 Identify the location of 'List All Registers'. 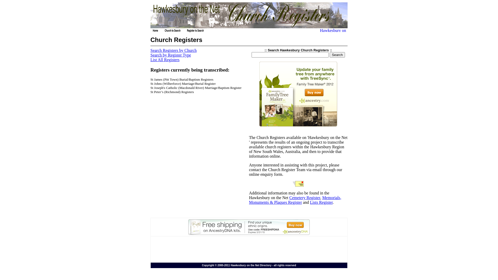
(164, 59).